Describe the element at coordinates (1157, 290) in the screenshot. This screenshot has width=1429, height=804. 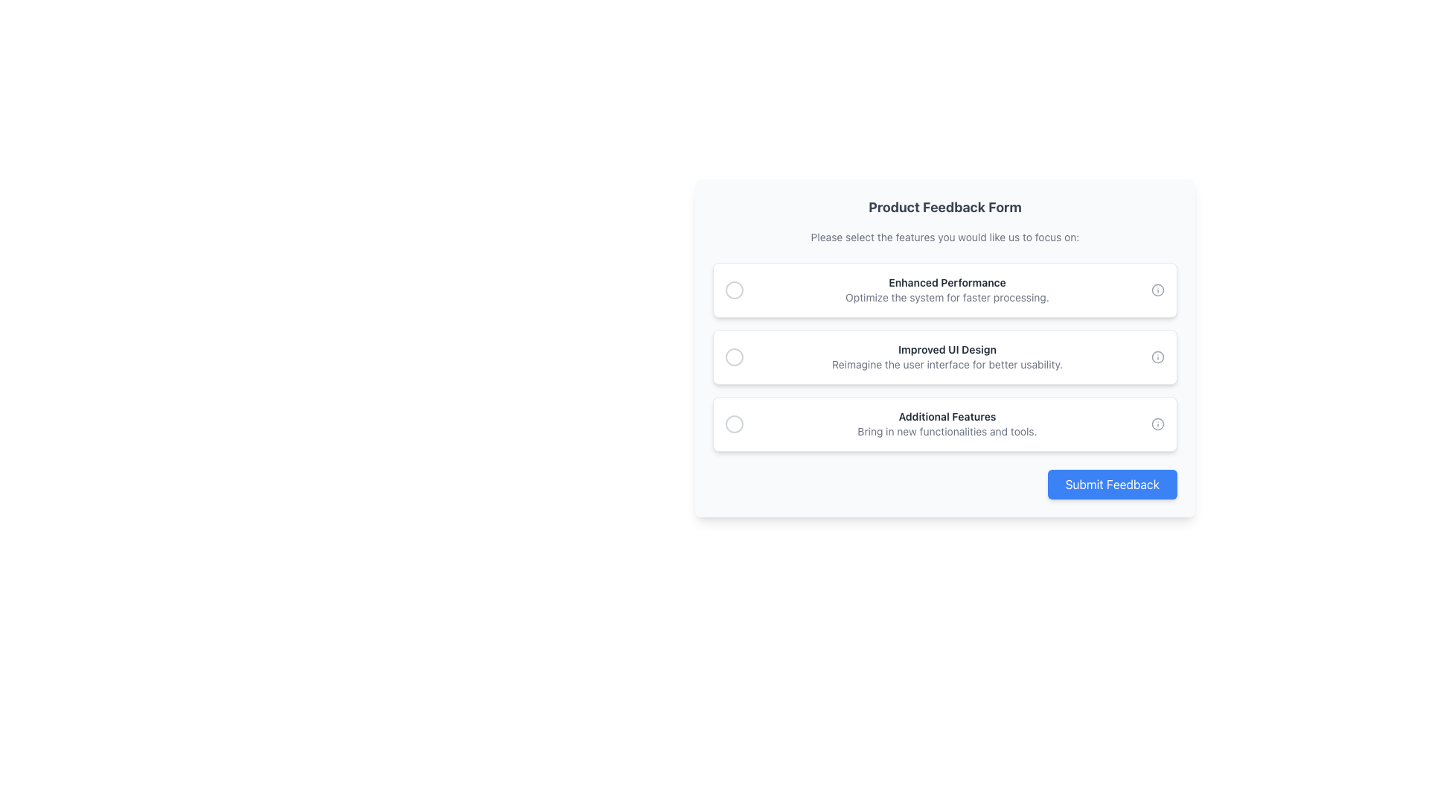
I see `the informational icon located at the end of the 'Enhanced Performance' text block in the feedback selection card` at that location.